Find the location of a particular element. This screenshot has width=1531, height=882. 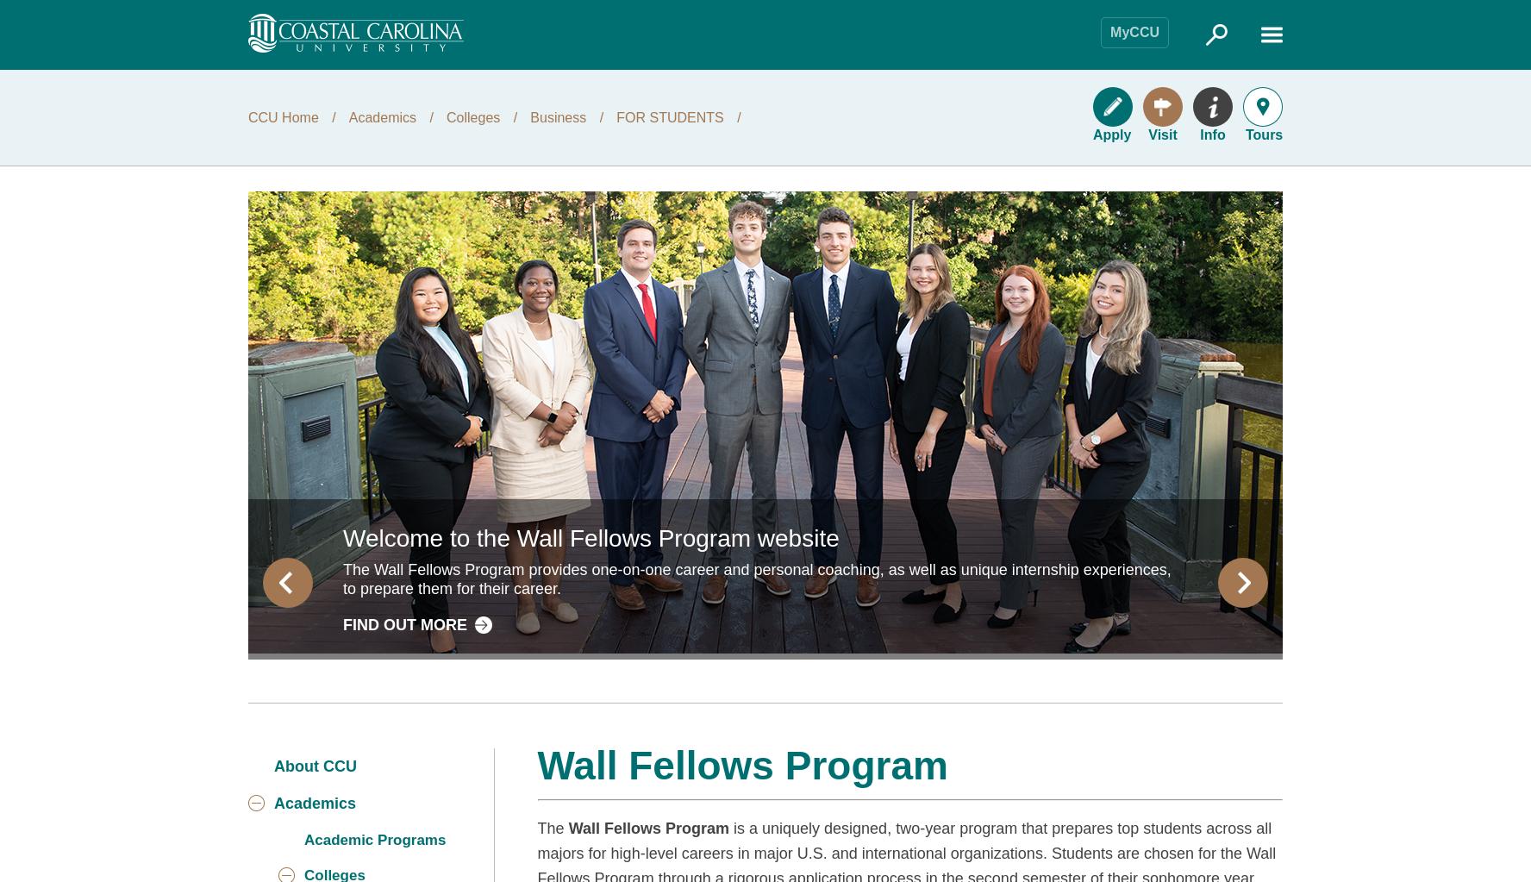

'Find Out More' is located at coordinates (343, 623).